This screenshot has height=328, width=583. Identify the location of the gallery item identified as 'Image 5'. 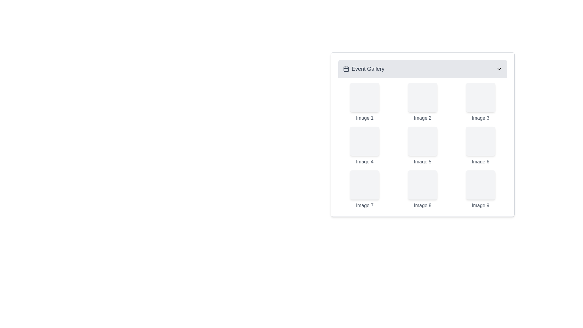
(422, 146).